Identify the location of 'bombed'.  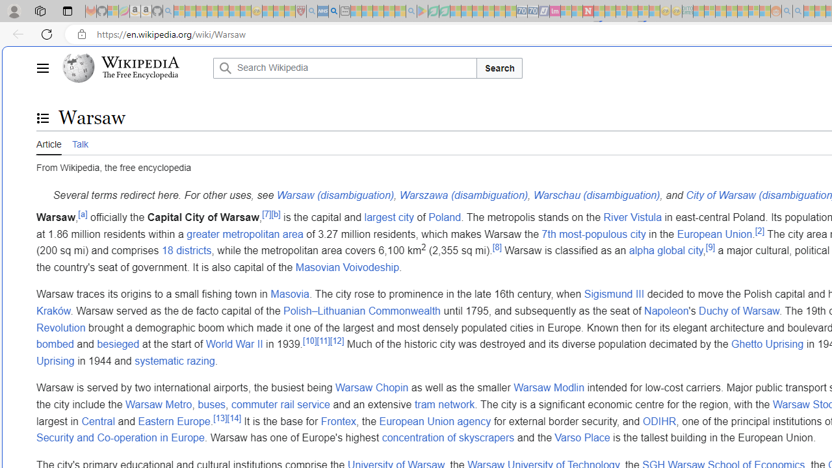
(55, 344).